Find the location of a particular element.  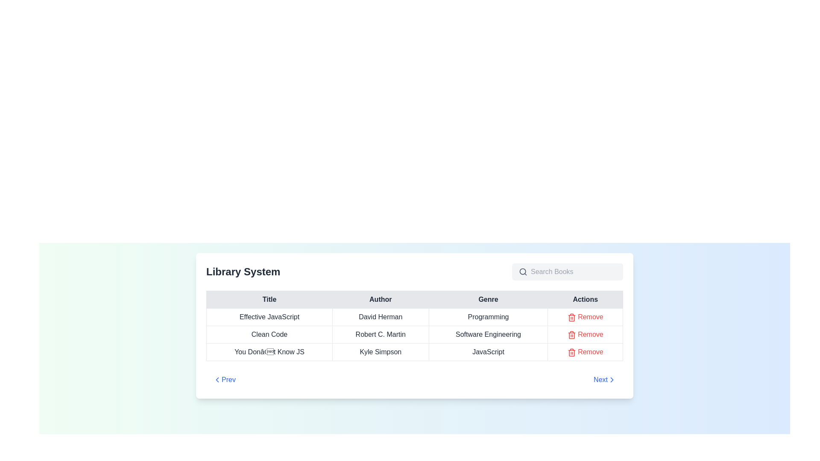

the removal button for 'Effective JavaScript' by David Herman located in the 'Actions' column of the first row in the table to prepare for interaction is located at coordinates (585, 317).